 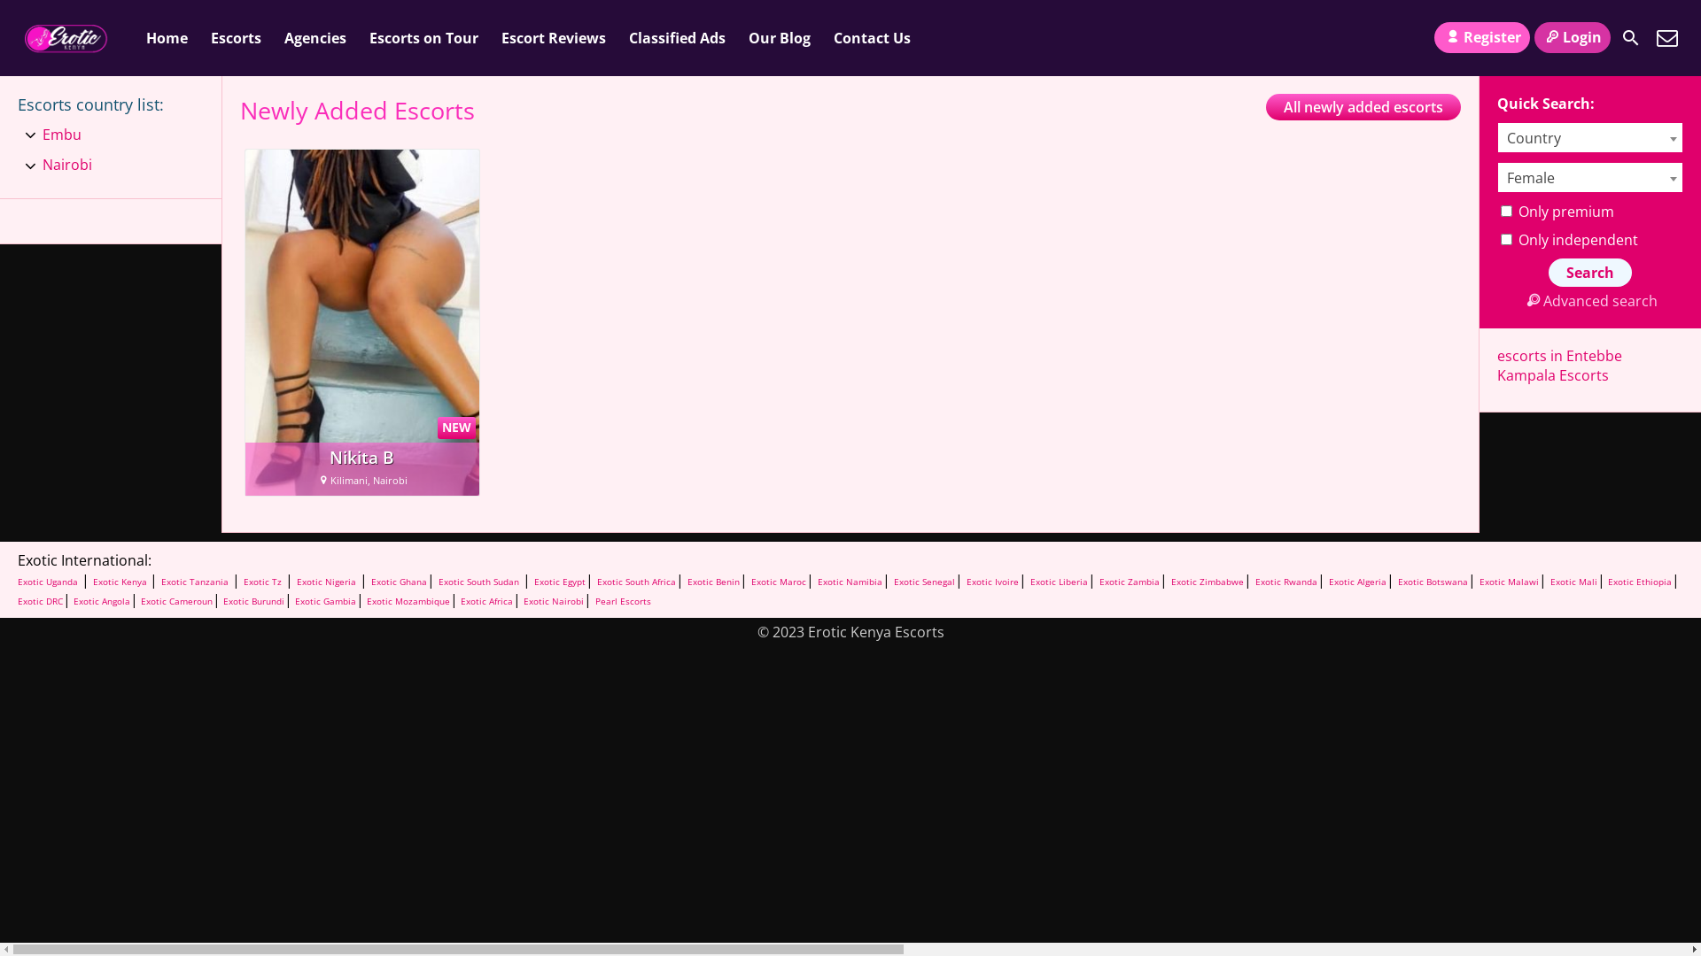 I want to click on 'Exotic Mali', so click(x=1573, y=581).